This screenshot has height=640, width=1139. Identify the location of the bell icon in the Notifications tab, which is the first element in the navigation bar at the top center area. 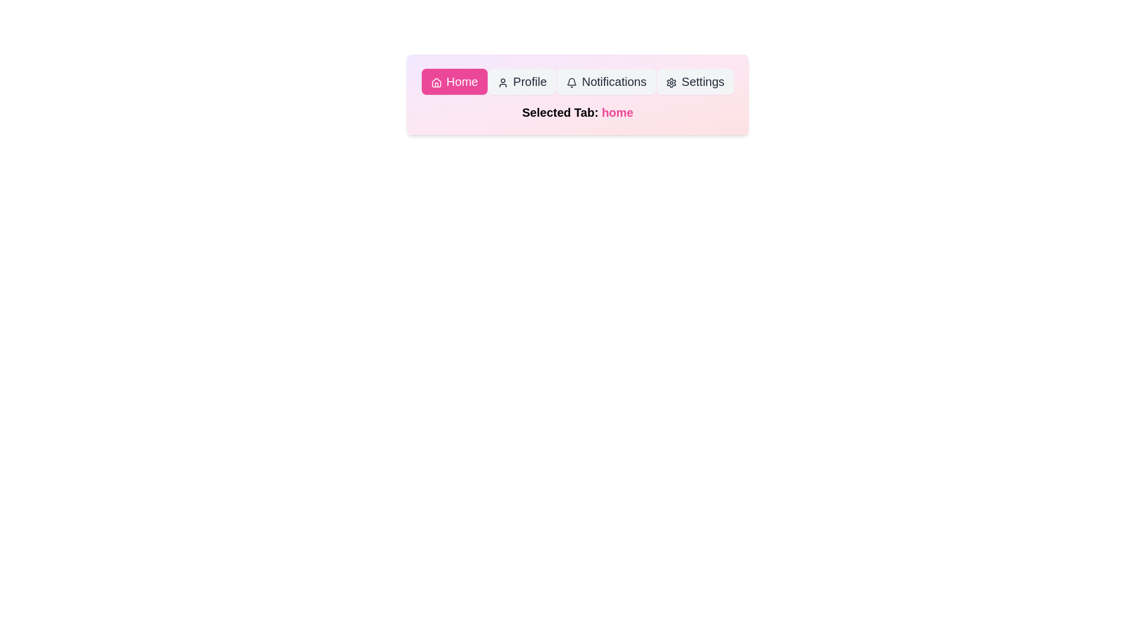
(572, 82).